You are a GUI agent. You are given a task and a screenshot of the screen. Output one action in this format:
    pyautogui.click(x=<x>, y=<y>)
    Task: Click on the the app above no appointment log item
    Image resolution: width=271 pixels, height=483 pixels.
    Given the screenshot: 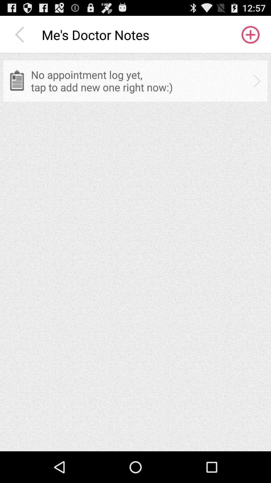 What is the action you would take?
    pyautogui.click(x=250, y=34)
    